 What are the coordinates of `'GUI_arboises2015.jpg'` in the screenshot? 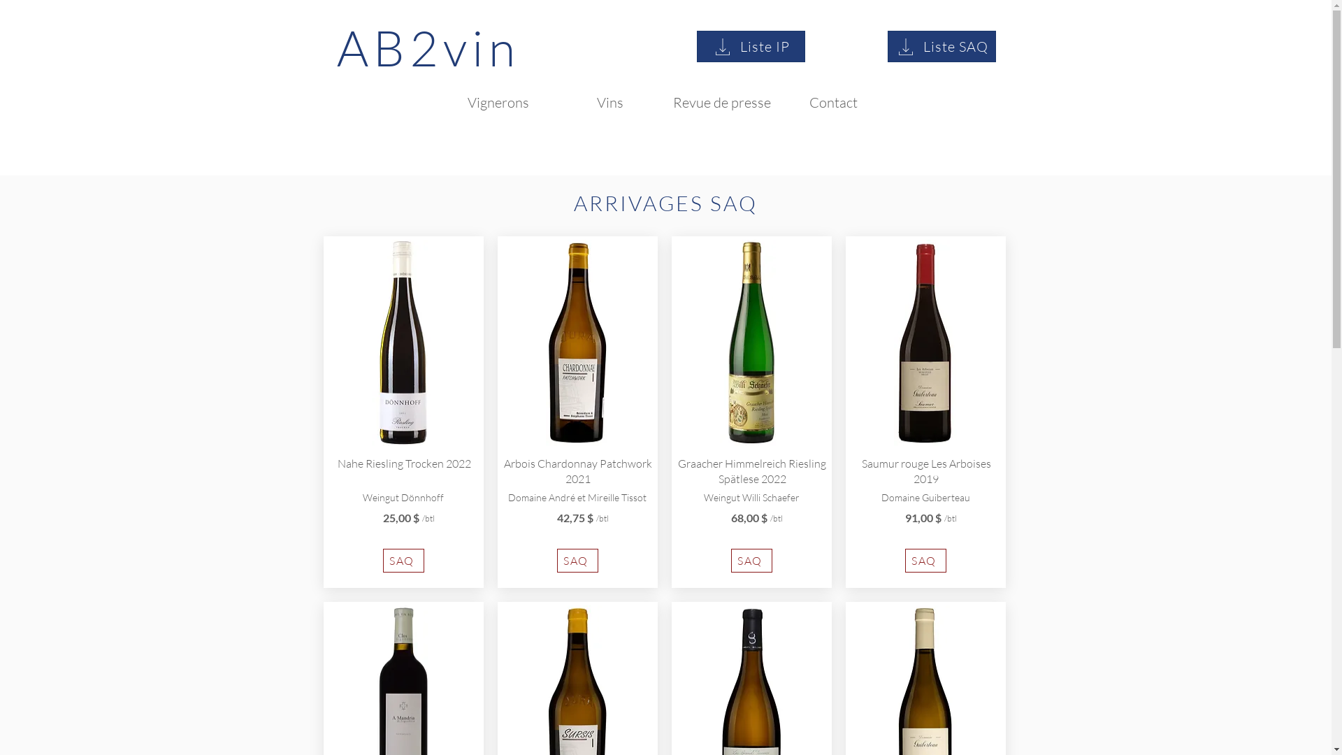 It's located at (925, 343).